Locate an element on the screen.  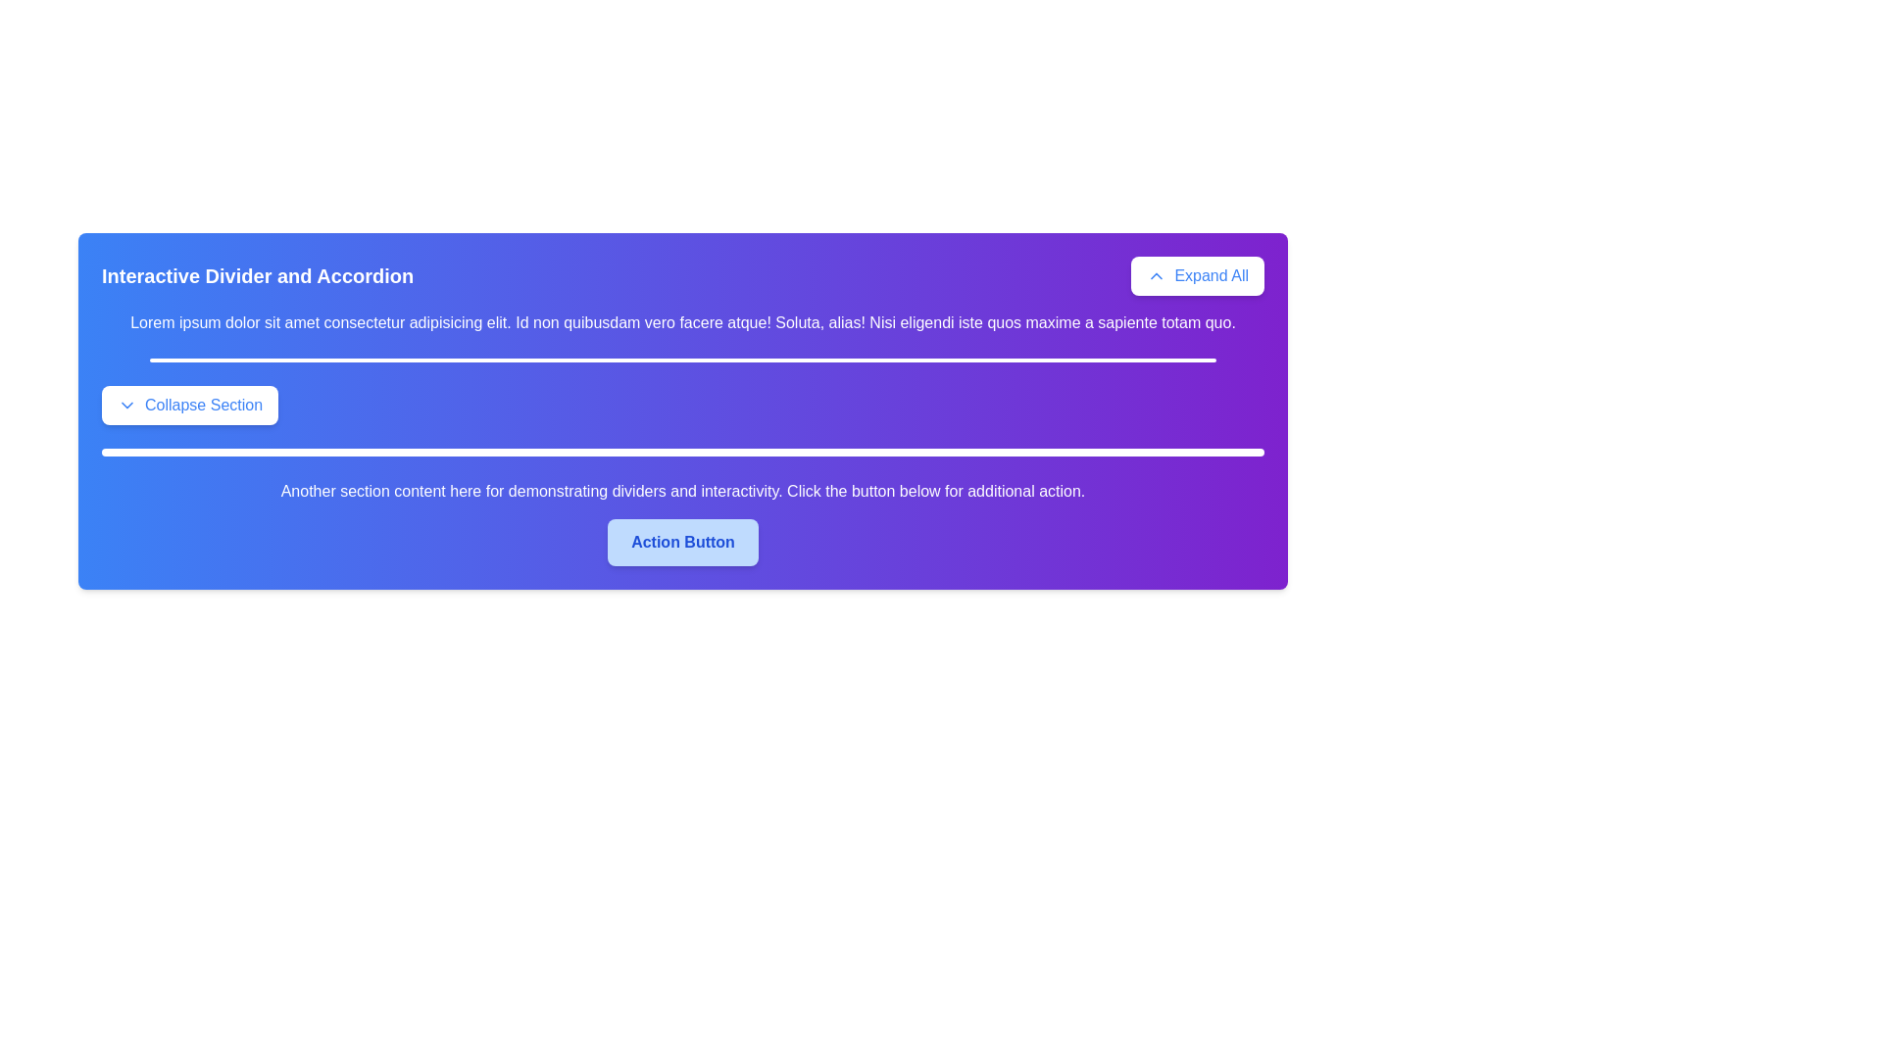
the prominently styled rectangular button labeled 'Action Button' with a light blue background is located at coordinates (682, 543).